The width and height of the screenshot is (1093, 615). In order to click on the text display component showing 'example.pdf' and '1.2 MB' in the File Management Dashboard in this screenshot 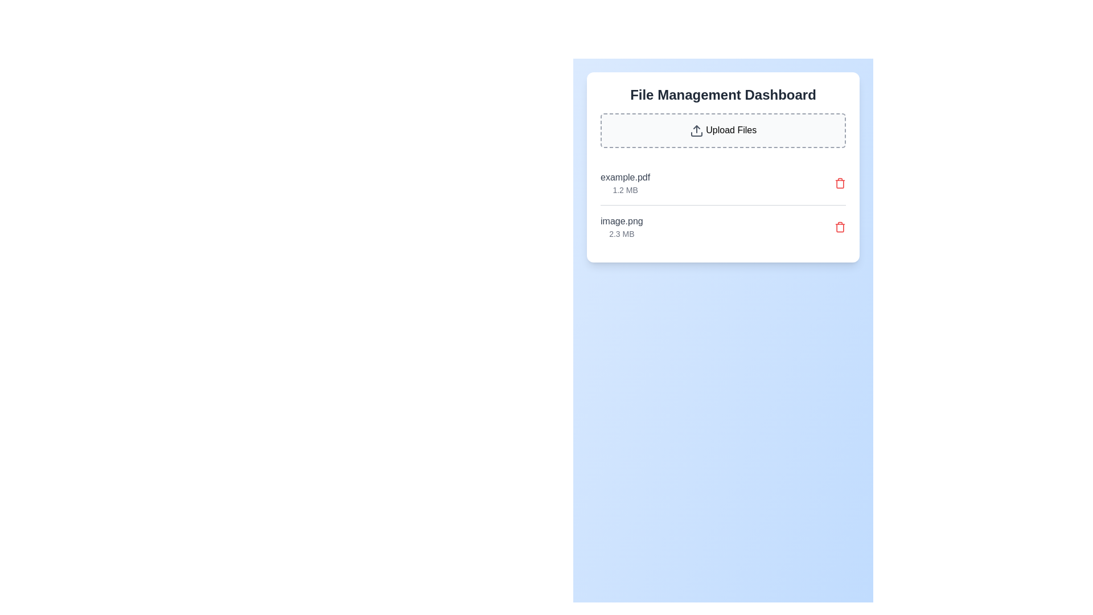, I will do `click(624, 182)`.